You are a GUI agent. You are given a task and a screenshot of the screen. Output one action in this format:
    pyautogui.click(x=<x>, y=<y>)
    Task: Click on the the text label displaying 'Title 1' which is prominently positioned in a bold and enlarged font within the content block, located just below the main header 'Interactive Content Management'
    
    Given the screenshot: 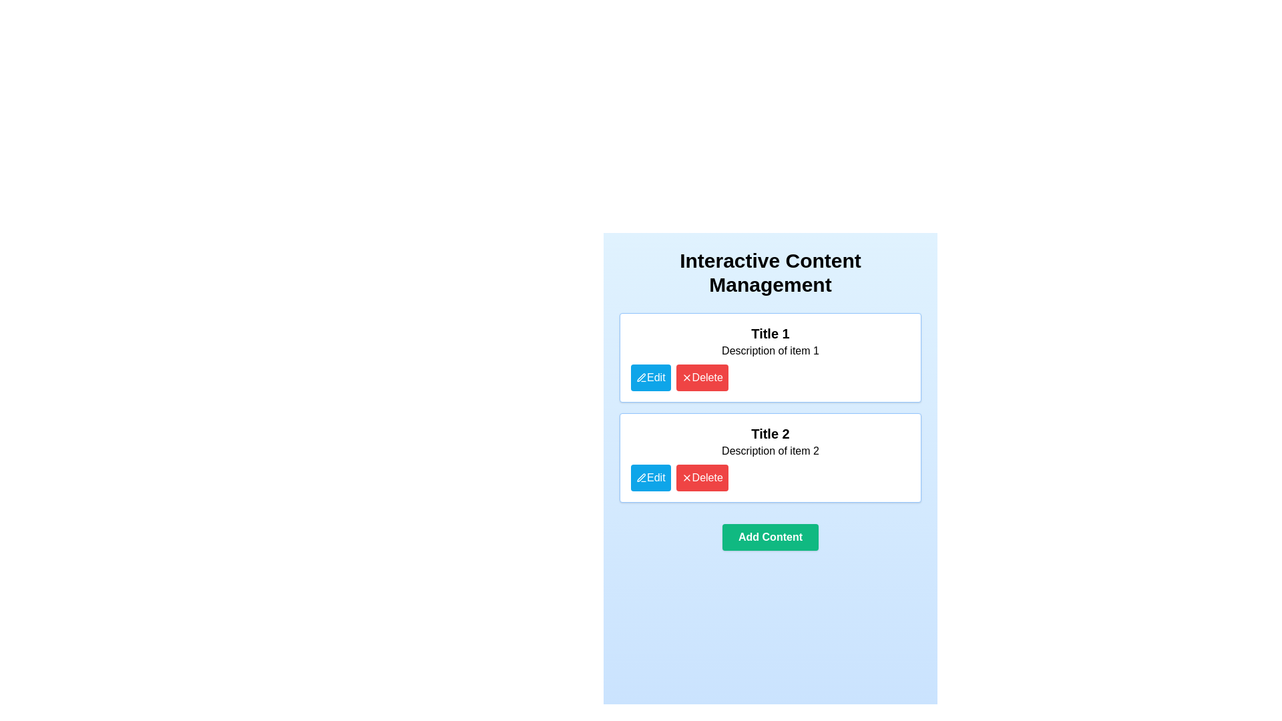 What is the action you would take?
    pyautogui.click(x=770, y=333)
    